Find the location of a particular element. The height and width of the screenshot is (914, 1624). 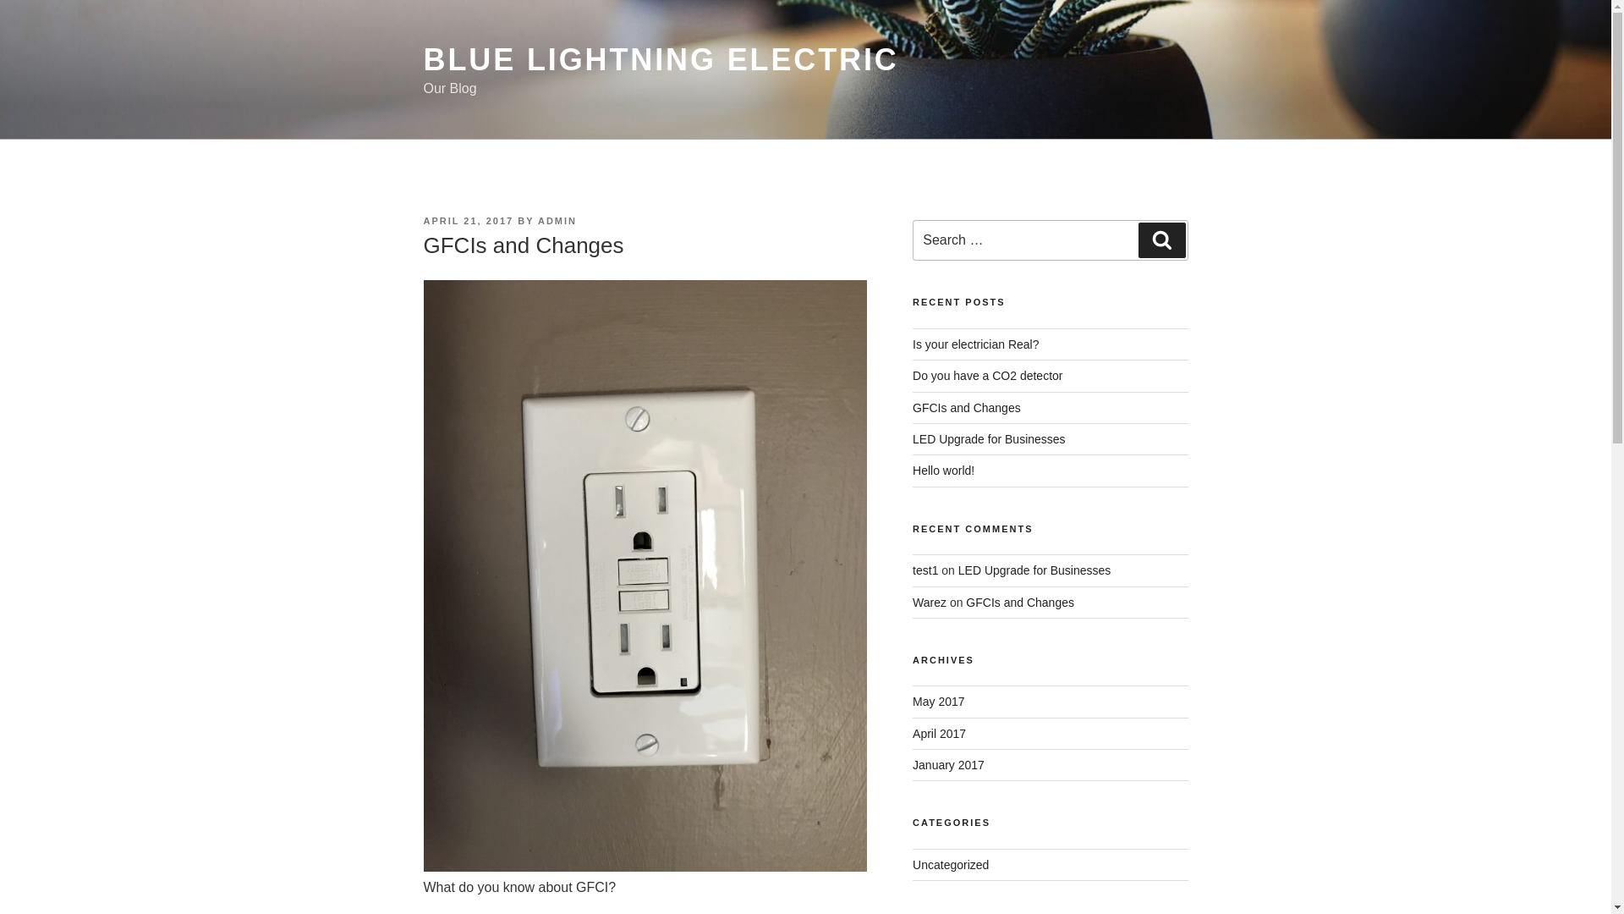

'Search' is located at coordinates (1160, 240).